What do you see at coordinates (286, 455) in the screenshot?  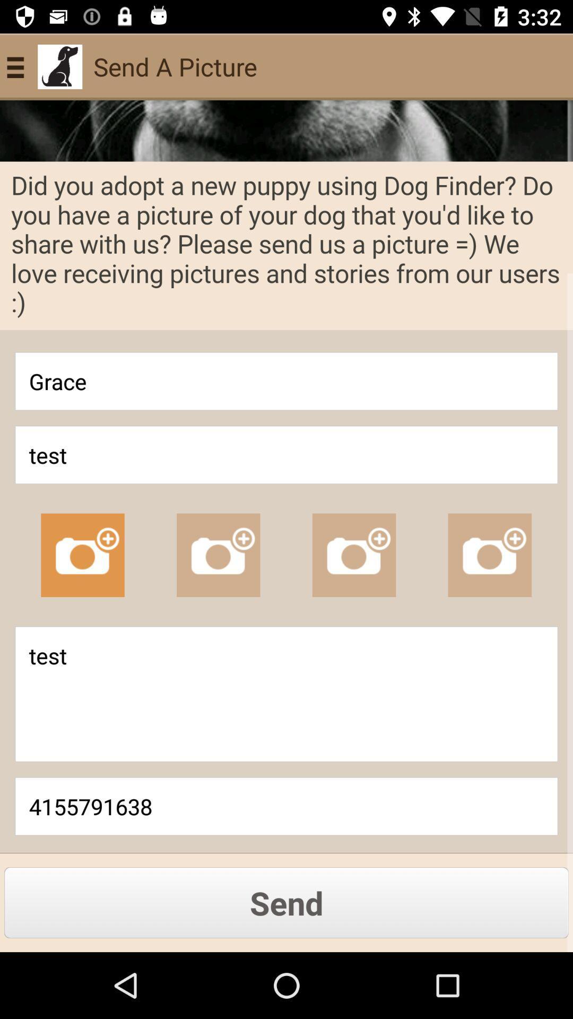 I see `the button which is below the grace` at bounding box center [286, 455].